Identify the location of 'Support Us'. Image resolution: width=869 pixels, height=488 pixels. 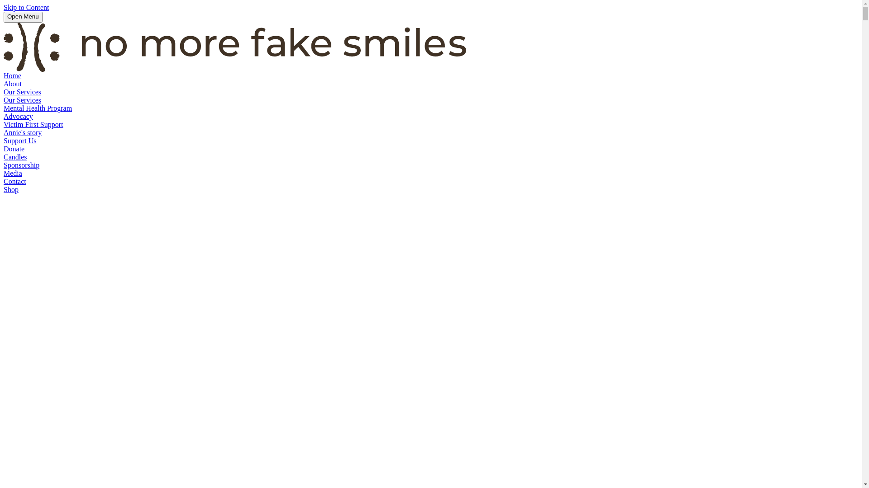
(19, 141).